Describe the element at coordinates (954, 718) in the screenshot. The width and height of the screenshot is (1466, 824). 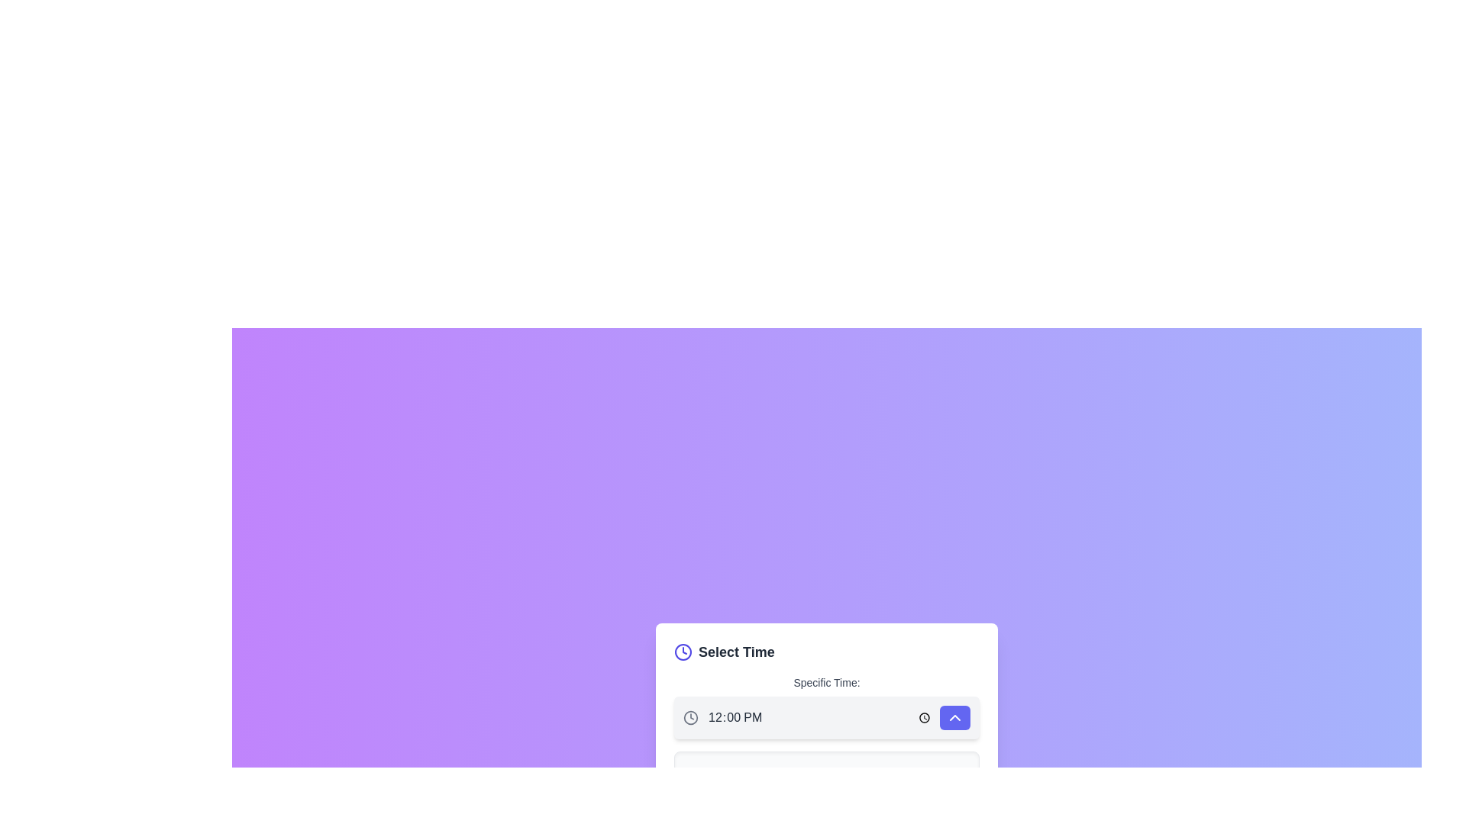
I see `the upward-pointing arrow icon located inside a small blue button adjacent to the numeric time display for more information` at that location.